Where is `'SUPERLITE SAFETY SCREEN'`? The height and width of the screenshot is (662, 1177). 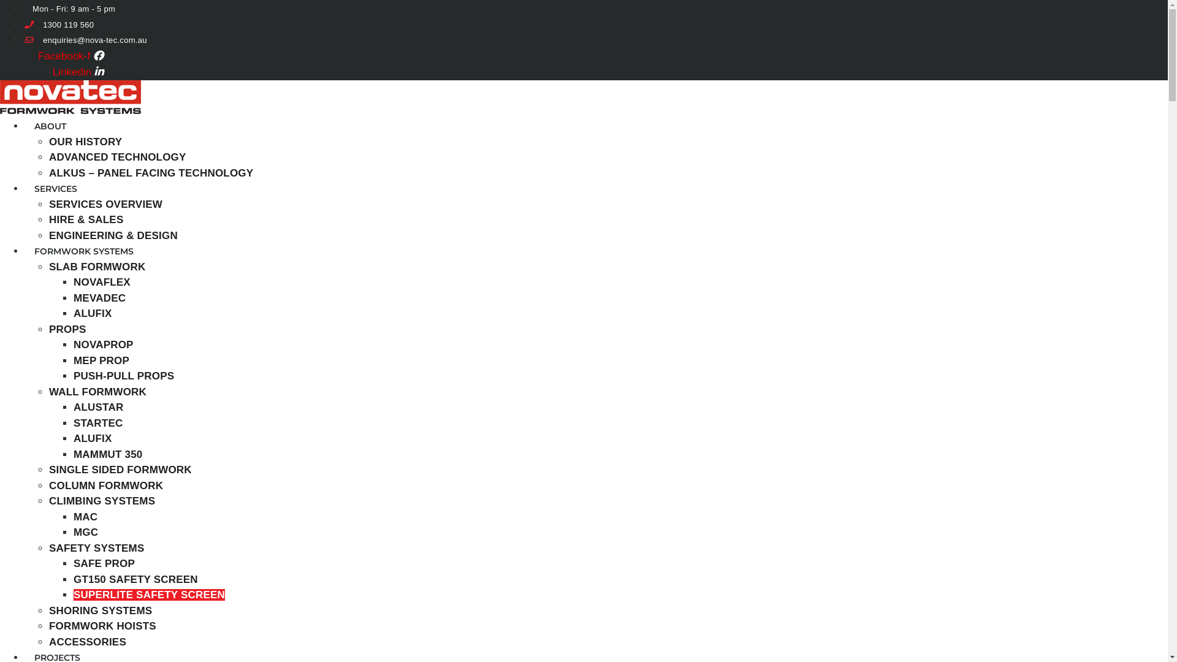
'SUPERLITE SAFETY SCREEN' is located at coordinates (148, 594).